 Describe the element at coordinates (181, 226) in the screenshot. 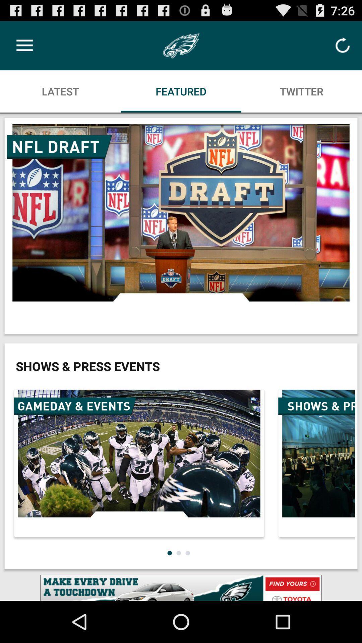

I see `the first image` at that location.